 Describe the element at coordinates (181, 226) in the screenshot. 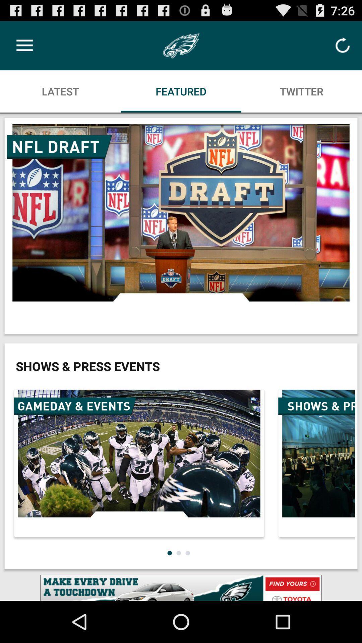

I see `the first image` at that location.